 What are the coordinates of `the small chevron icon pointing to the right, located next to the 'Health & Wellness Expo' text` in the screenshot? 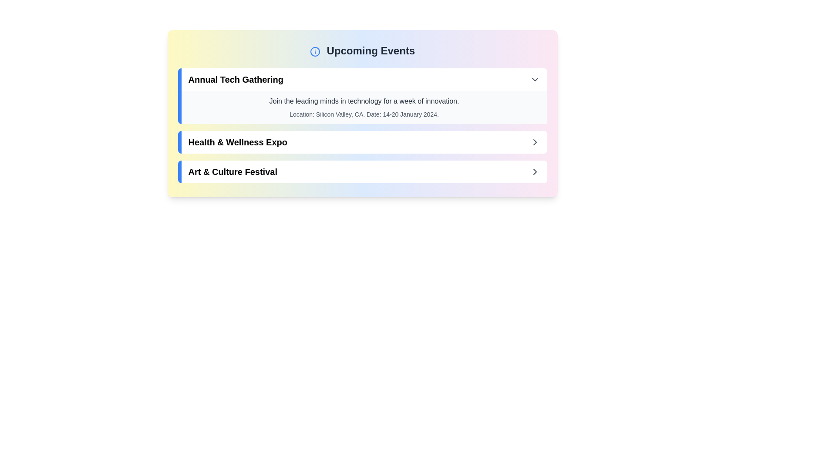 It's located at (534, 142).